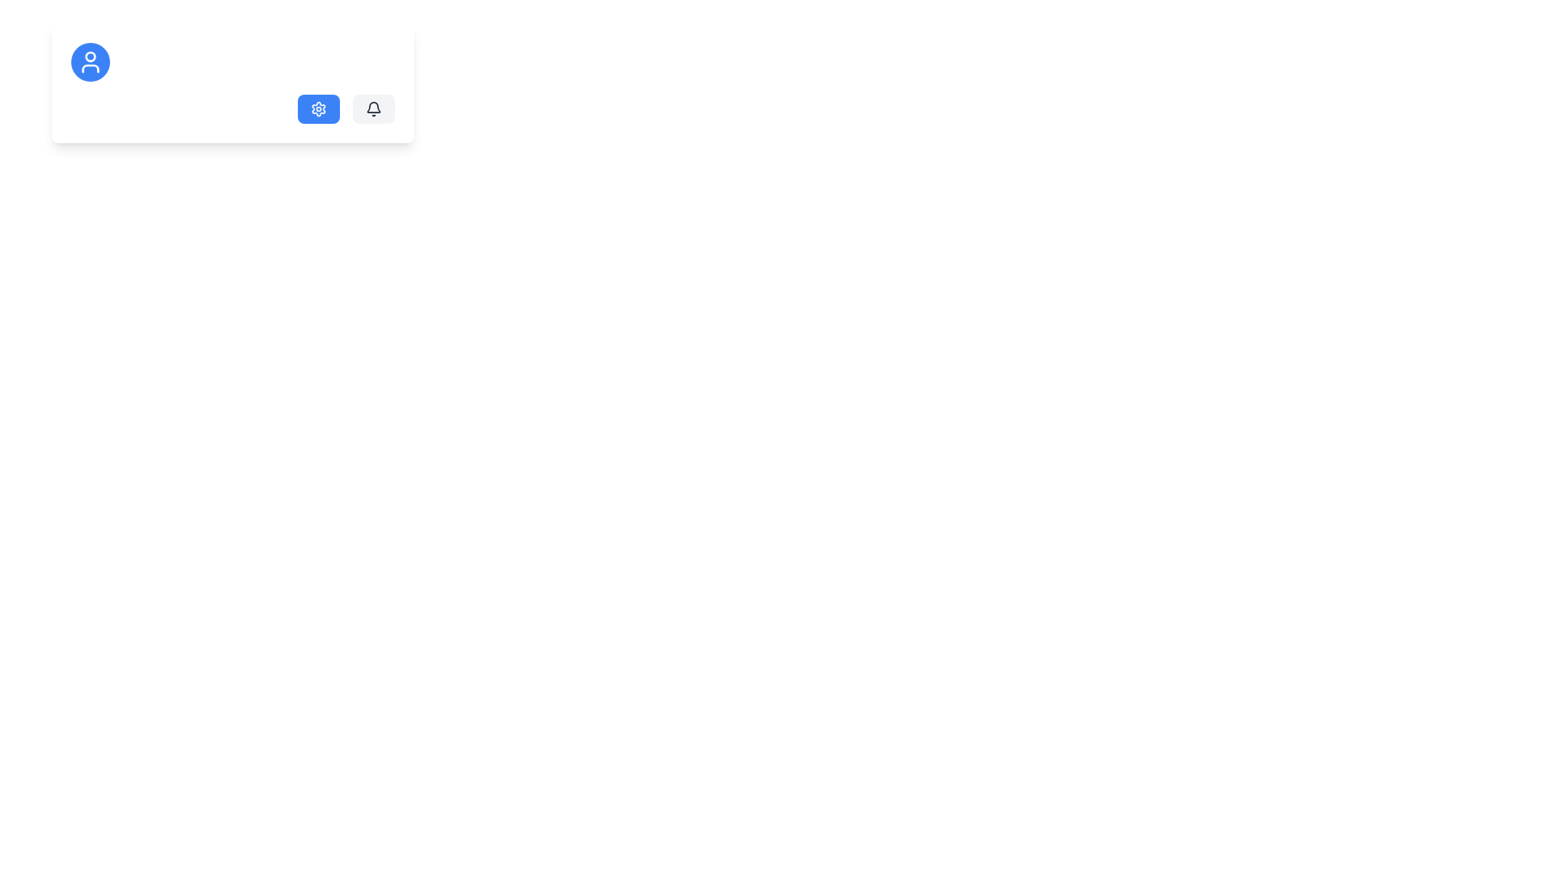 This screenshot has width=1554, height=874. I want to click on the settings icon located between the profile image and the bell icon, so click(318, 109).